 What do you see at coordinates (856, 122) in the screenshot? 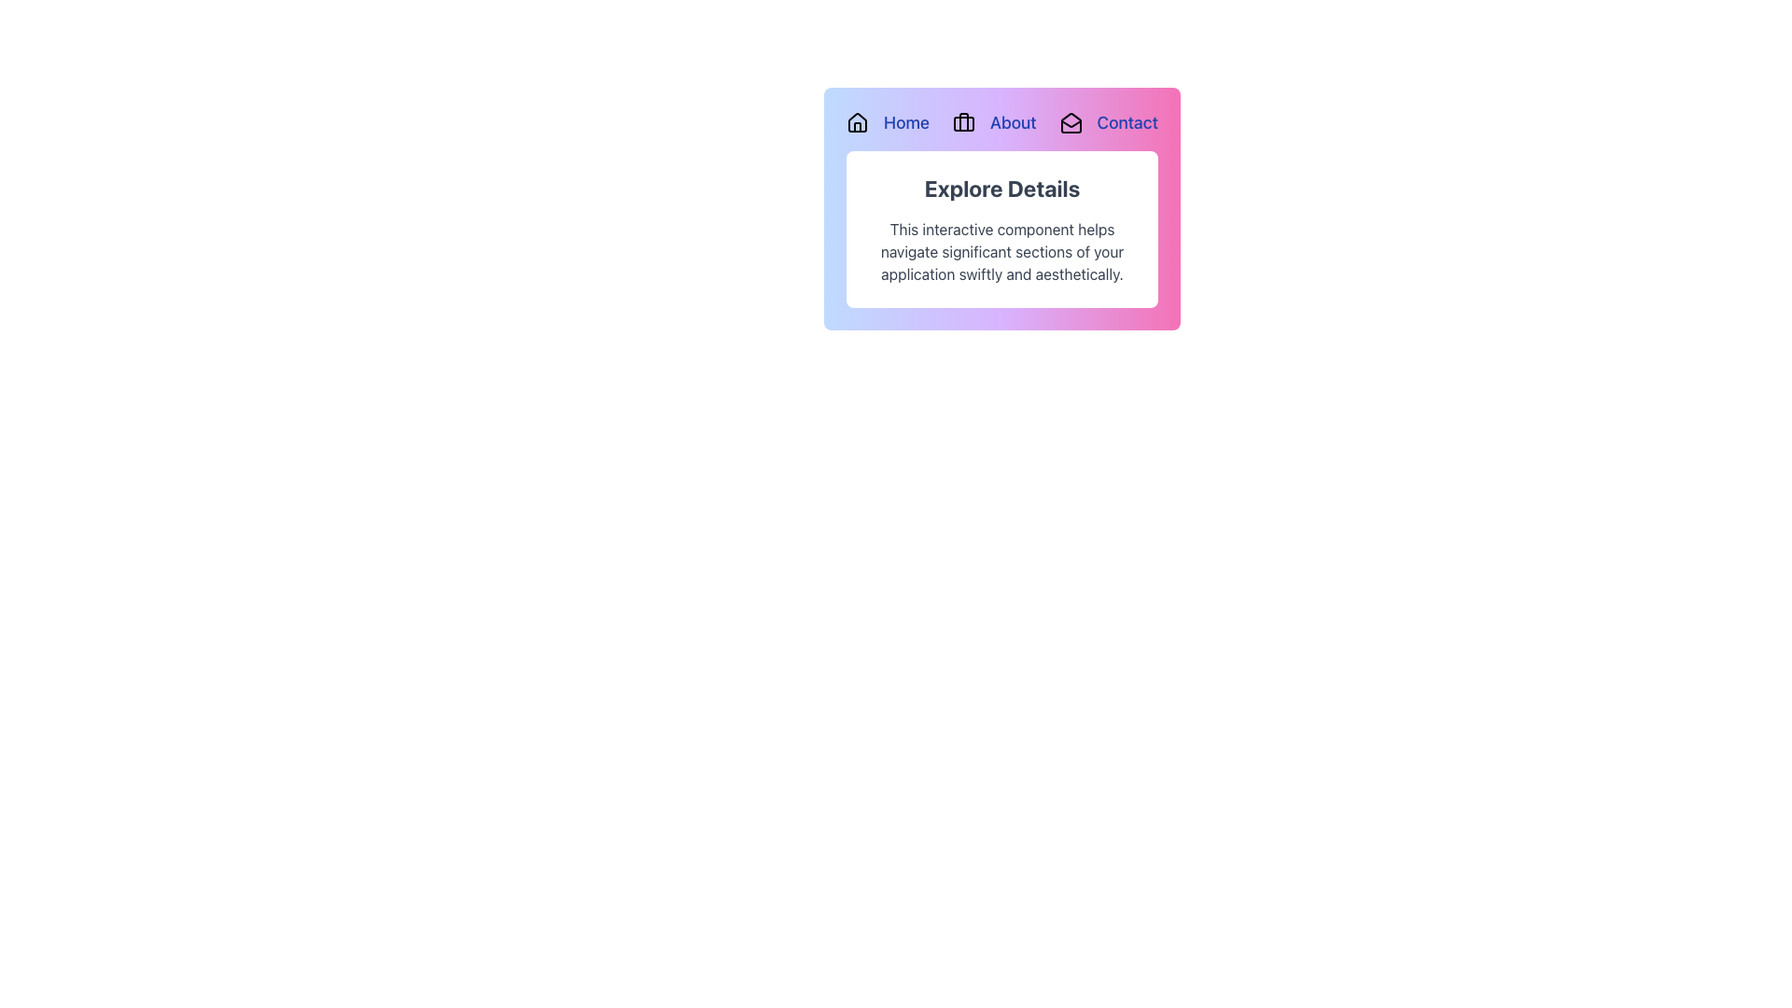
I see `the 'Home' icon located at the leftmost position of the top bar, which serves as a navigation aid to the 'Home' section` at bounding box center [856, 122].